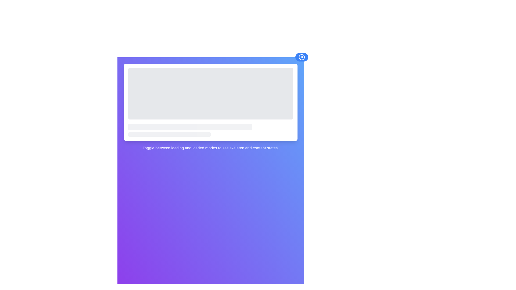 This screenshot has width=516, height=290. What do you see at coordinates (302, 57) in the screenshot?
I see `the pause icon, which is a circular icon with a circle outline and two vertical lines in the center, located at the visual center of a blue button with rounded edges` at bounding box center [302, 57].